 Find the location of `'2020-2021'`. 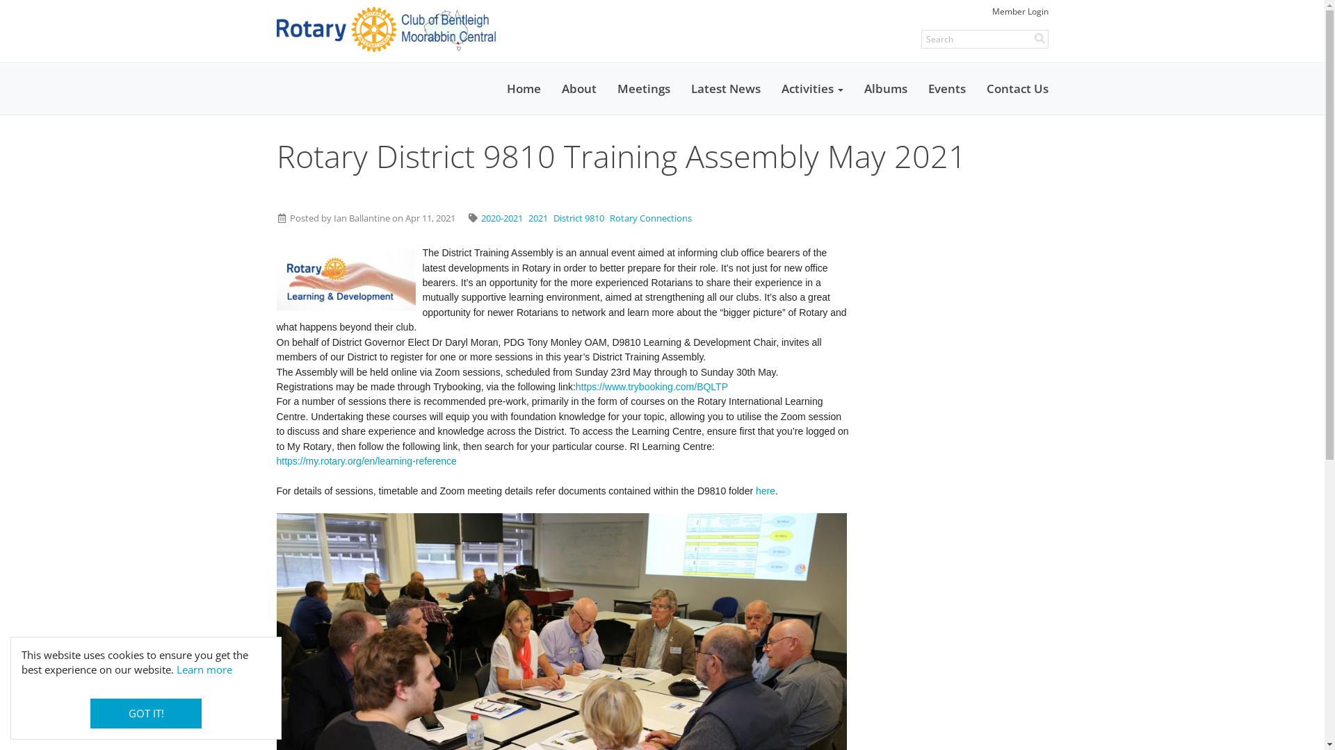

'2020-2021' is located at coordinates (501, 217).